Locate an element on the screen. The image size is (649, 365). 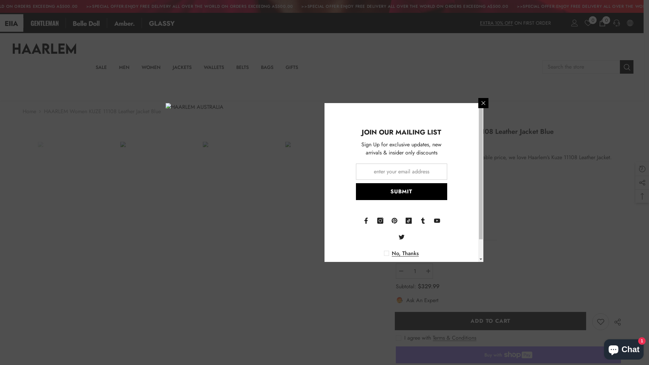
'Home' is located at coordinates (29, 111).